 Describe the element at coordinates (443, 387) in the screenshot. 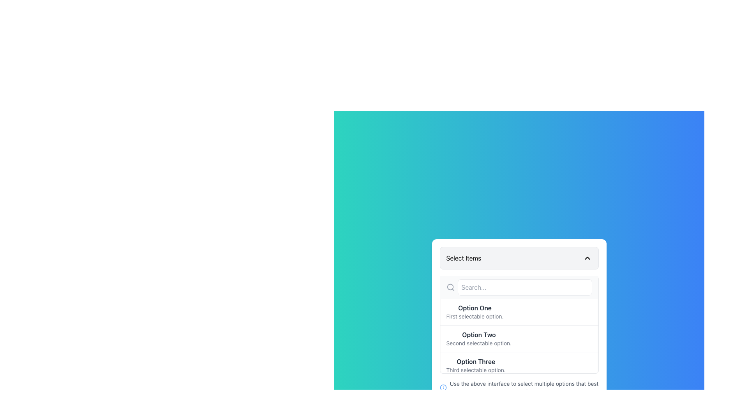

I see `the blue circular icon with an 'i' shape symbol` at that location.